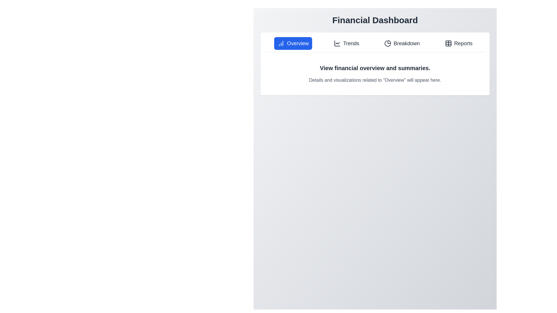 The width and height of the screenshot is (557, 313). What do you see at coordinates (458, 43) in the screenshot?
I see `the Reports tab to view its content` at bounding box center [458, 43].